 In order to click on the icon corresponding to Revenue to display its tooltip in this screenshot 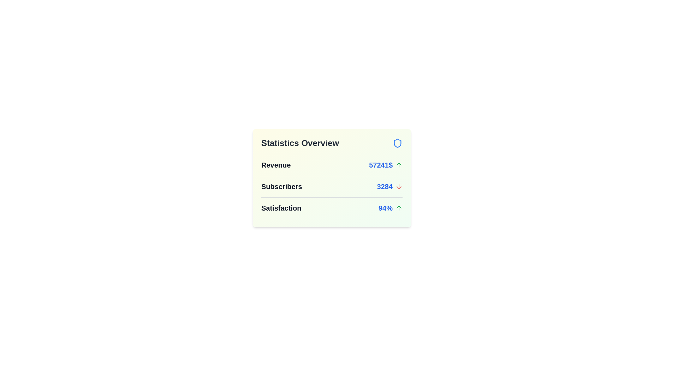, I will do `click(399, 165)`.